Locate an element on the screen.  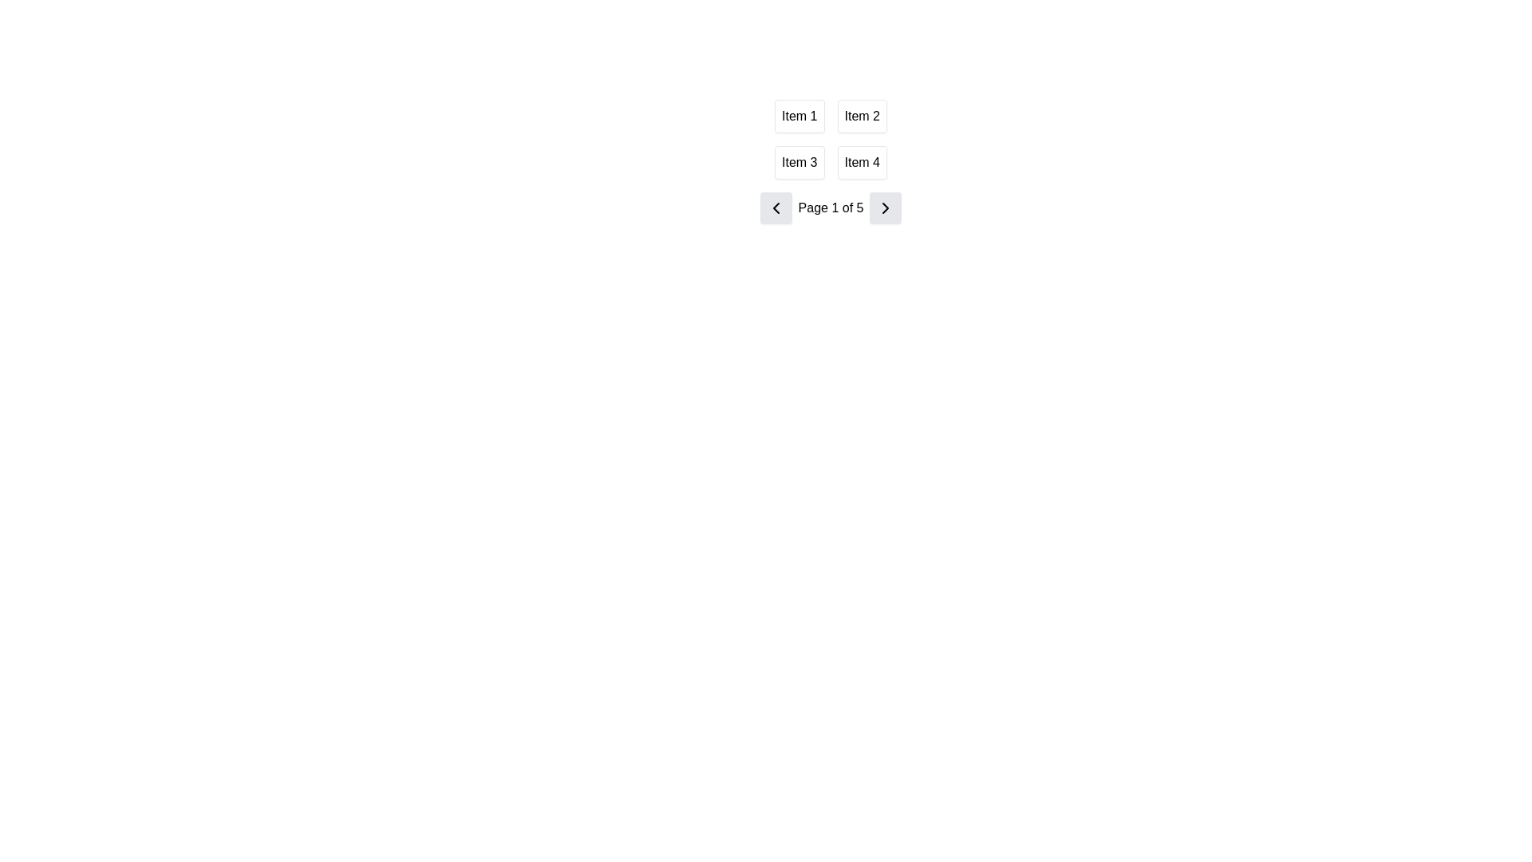
the bottom-left button in the grid is located at coordinates (800, 163).